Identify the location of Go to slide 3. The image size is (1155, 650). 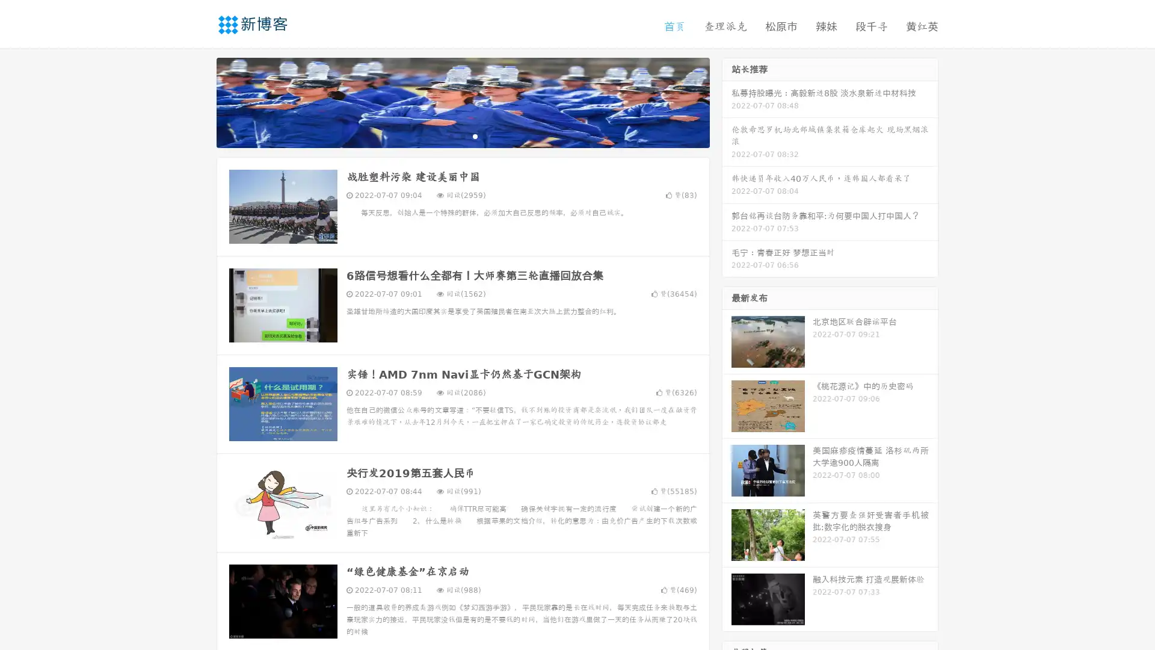
(475, 135).